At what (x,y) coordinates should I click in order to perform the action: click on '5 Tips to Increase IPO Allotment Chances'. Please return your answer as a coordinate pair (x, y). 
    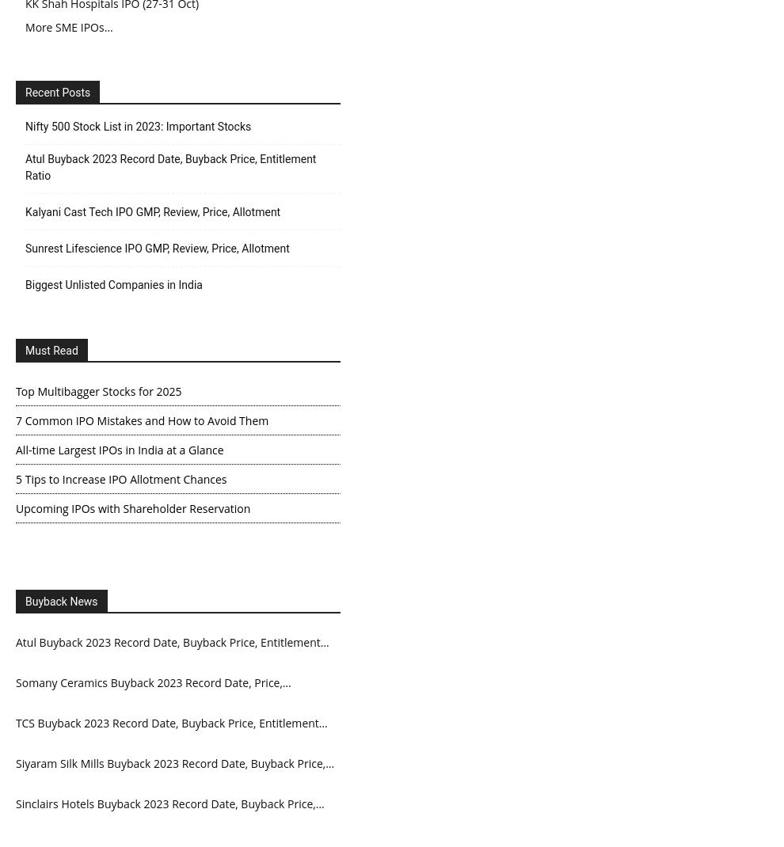
    Looking at the image, I should click on (120, 477).